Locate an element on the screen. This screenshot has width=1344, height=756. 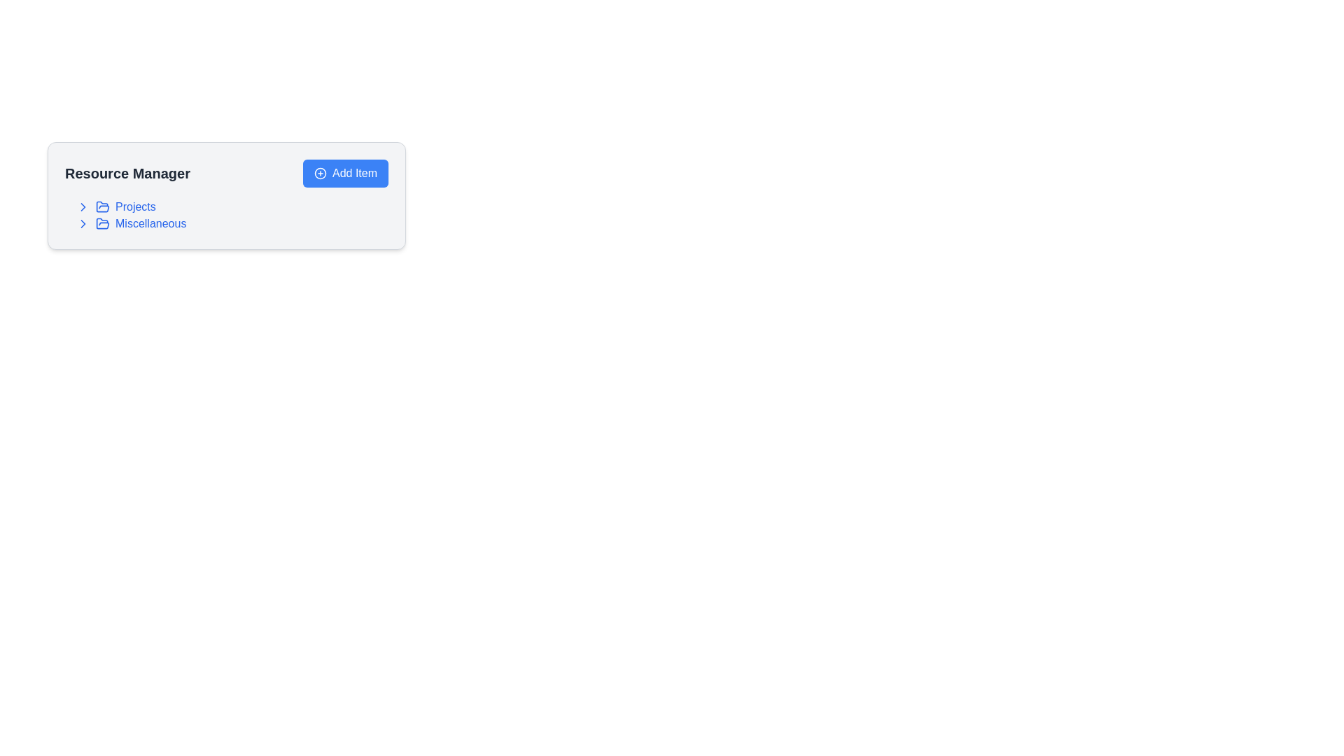
the state of the 'Miscellaneous' folder icon, which is the second icon within the 'Miscellaneous' entry, positioned between the chevron icon and the text label 'Miscellaneous' is located at coordinates (102, 223).